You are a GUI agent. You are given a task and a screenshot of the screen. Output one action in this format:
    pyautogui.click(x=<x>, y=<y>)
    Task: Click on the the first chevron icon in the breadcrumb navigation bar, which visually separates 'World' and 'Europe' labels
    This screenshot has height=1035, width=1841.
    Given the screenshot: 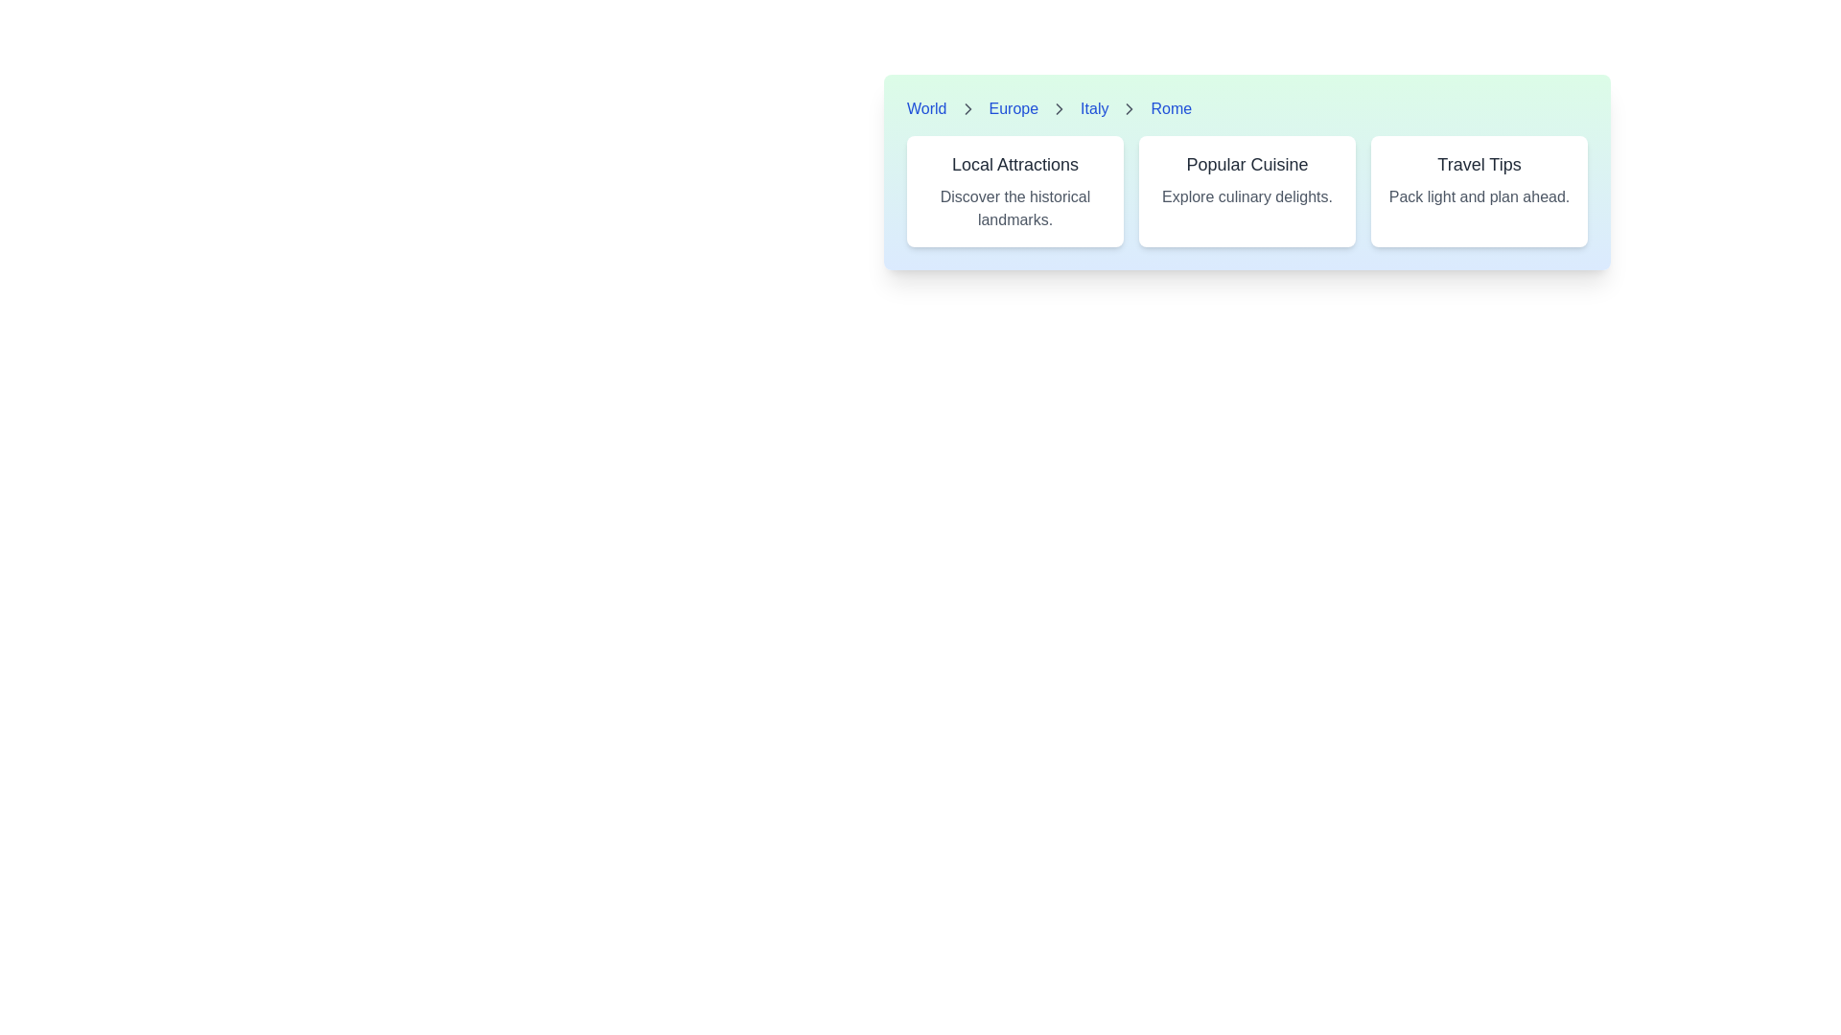 What is the action you would take?
    pyautogui.click(x=967, y=109)
    